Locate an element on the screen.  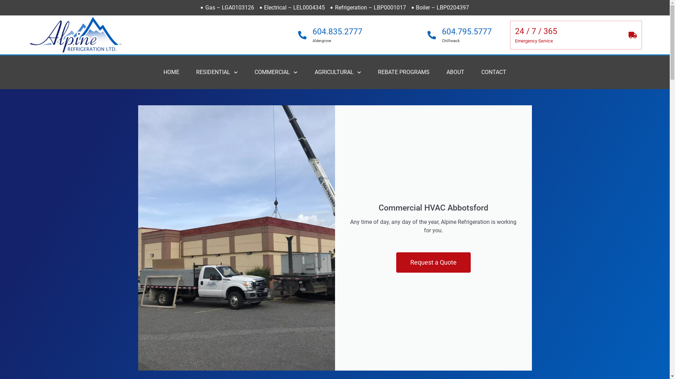
'CONTACT' is located at coordinates (493, 72).